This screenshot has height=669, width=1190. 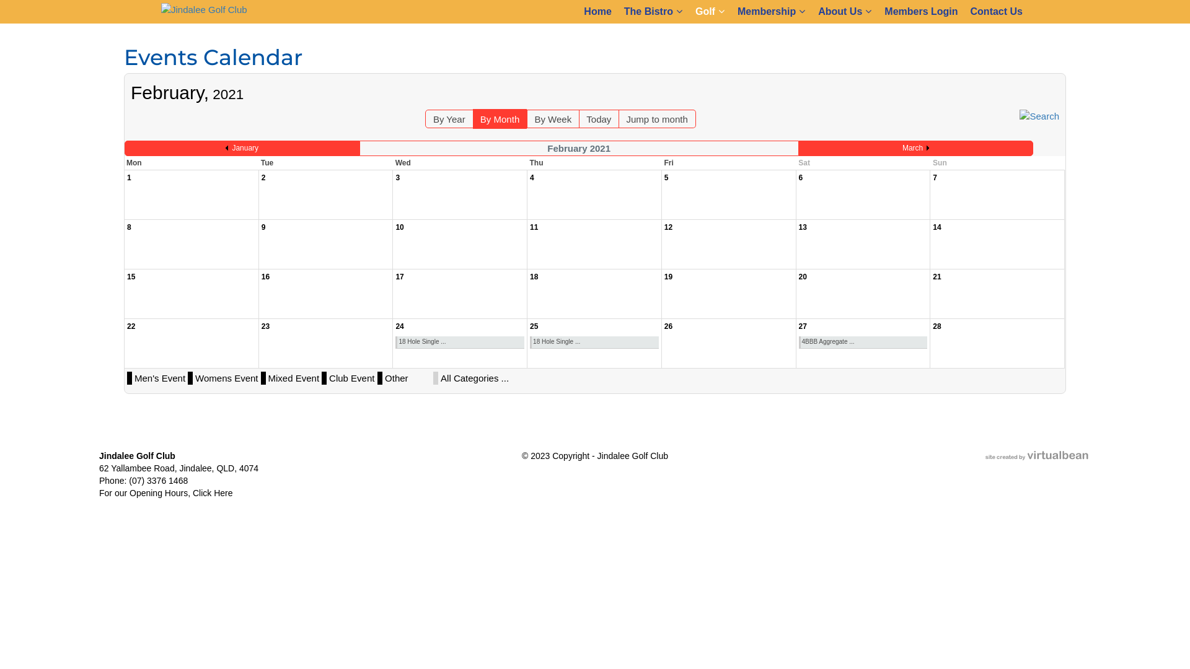 What do you see at coordinates (159, 377) in the screenshot?
I see `'Men's Event'` at bounding box center [159, 377].